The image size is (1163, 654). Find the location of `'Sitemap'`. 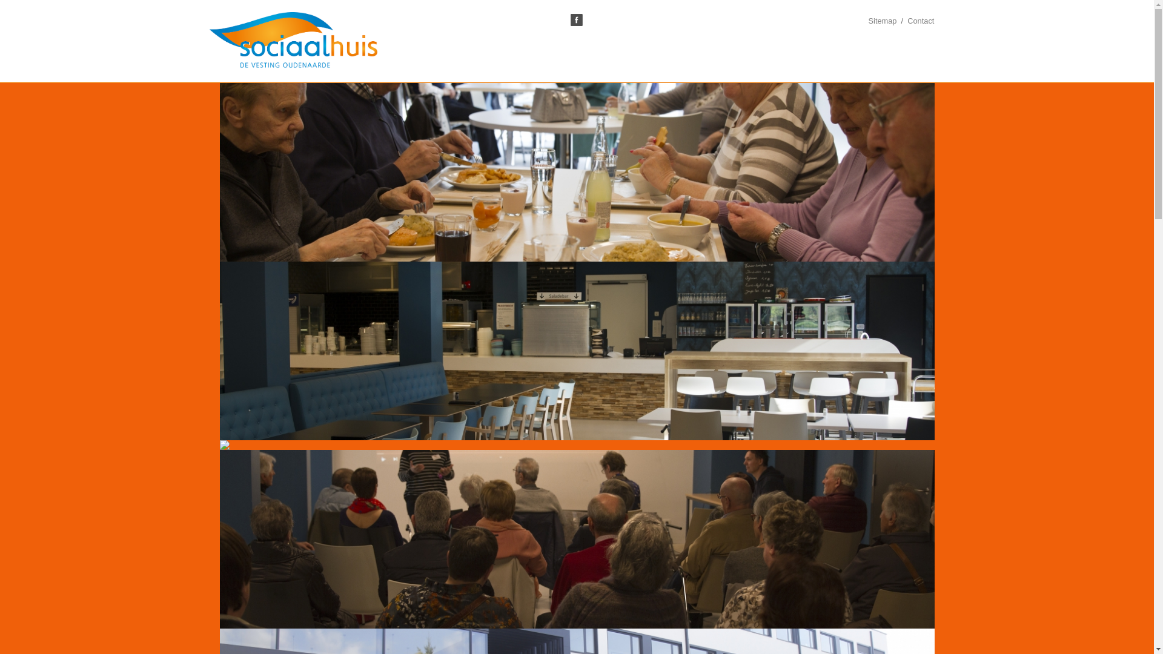

'Sitemap' is located at coordinates (883, 21).